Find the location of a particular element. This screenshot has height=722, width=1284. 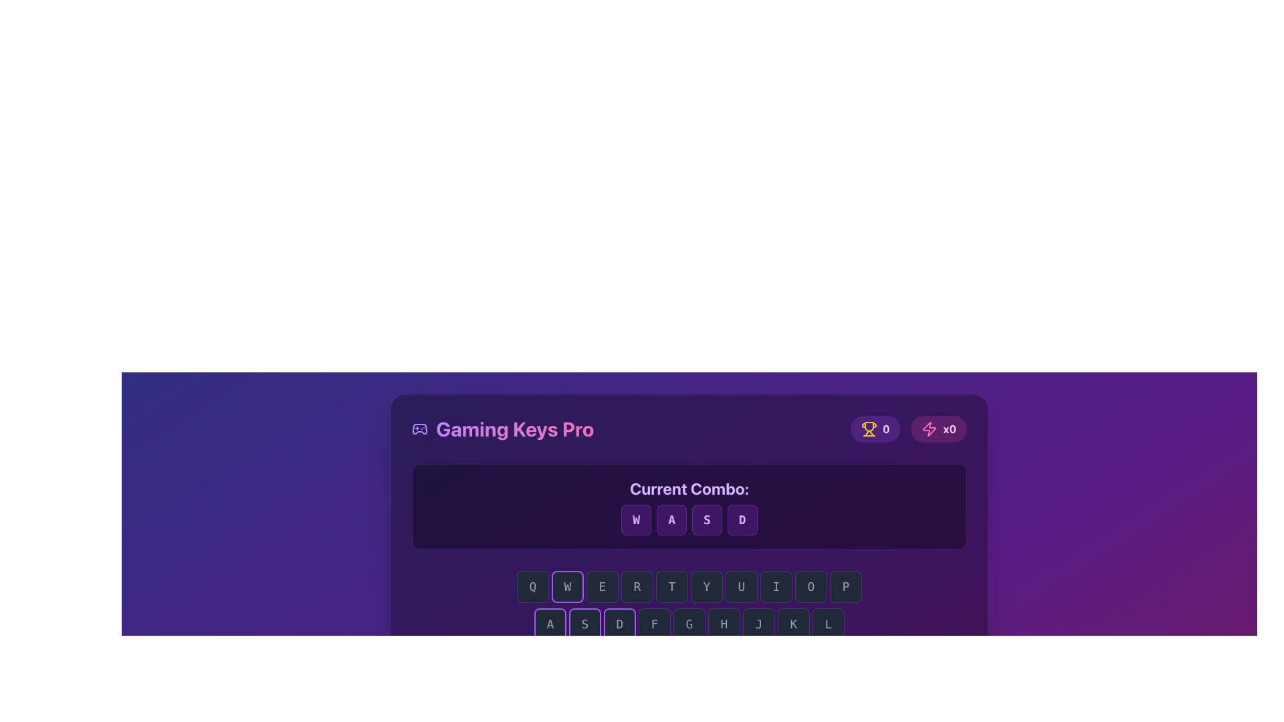

the square button with a rounded border displaying the letter 'E', which is the third button in a series of 10 buttons representing 'QWERTYUIOP', located below the 'Current Combo' section is located at coordinates (602, 586).